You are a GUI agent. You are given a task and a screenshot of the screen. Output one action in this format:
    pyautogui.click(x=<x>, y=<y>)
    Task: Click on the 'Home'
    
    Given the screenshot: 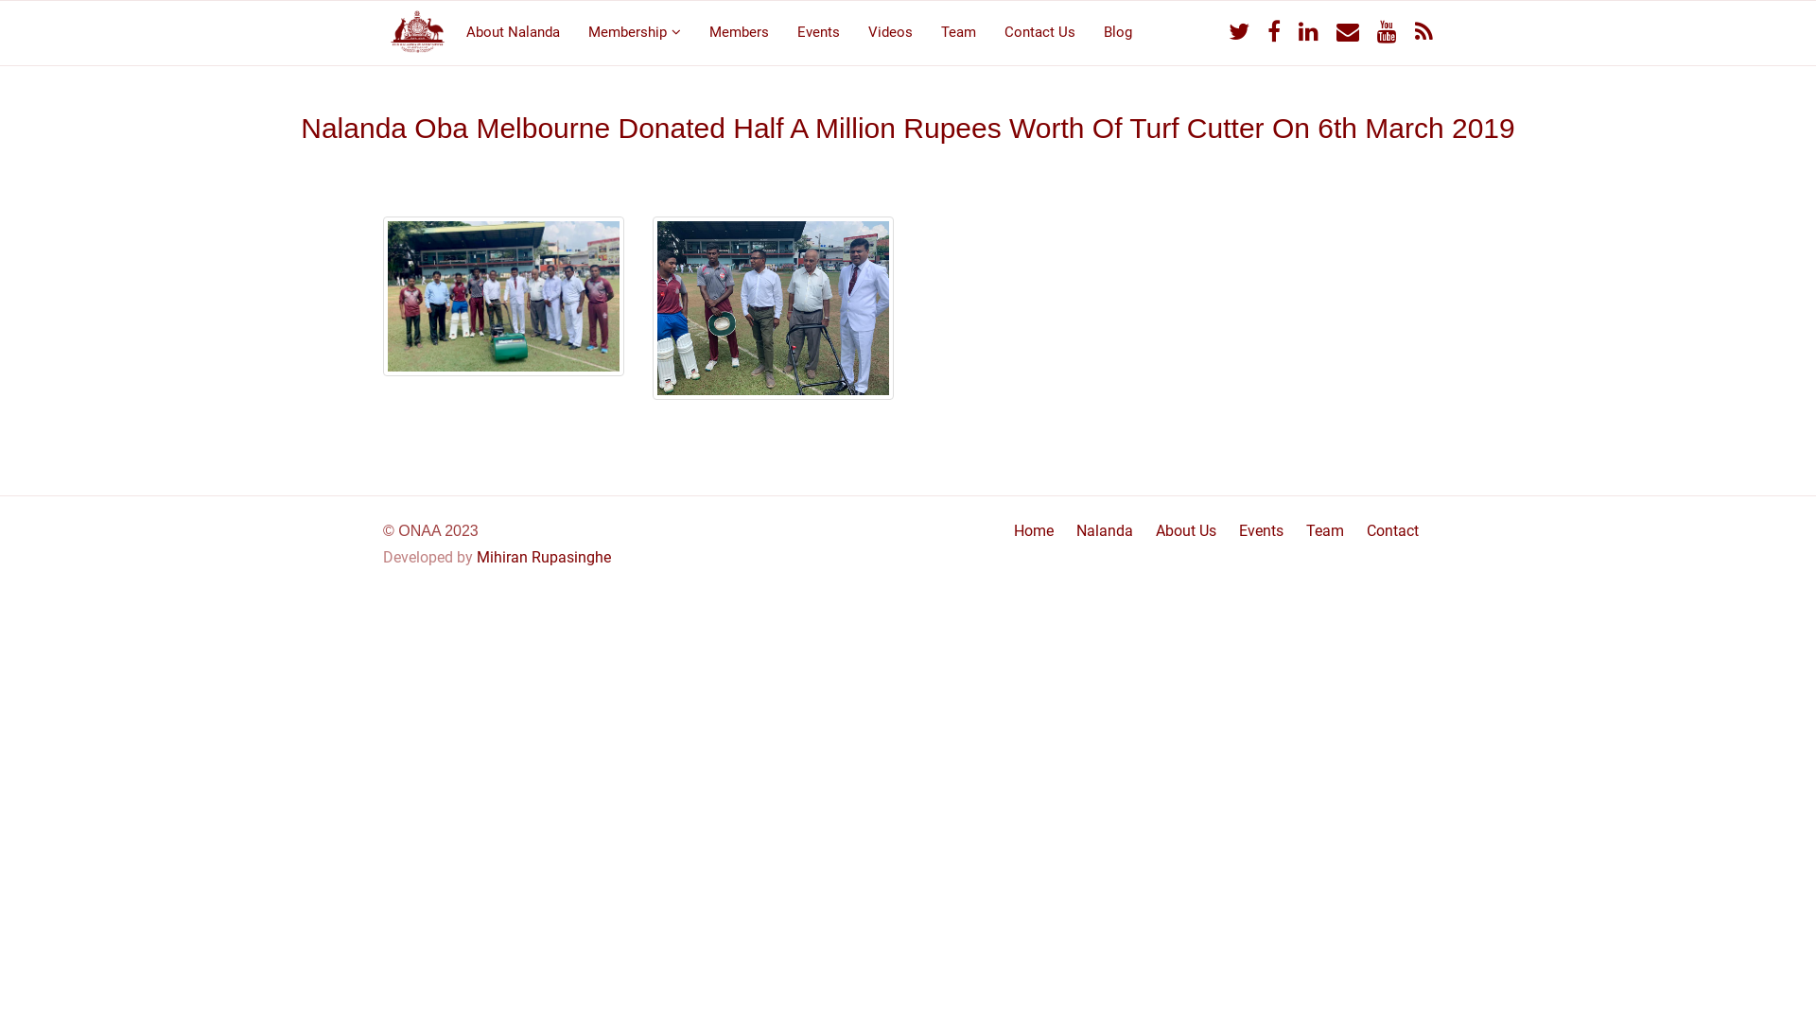 What is the action you would take?
    pyautogui.click(x=1033, y=530)
    